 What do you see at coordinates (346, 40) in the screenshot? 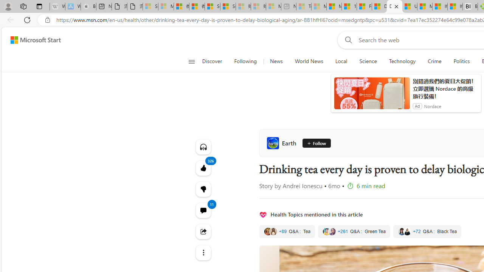
I see `'Web search'` at bounding box center [346, 40].